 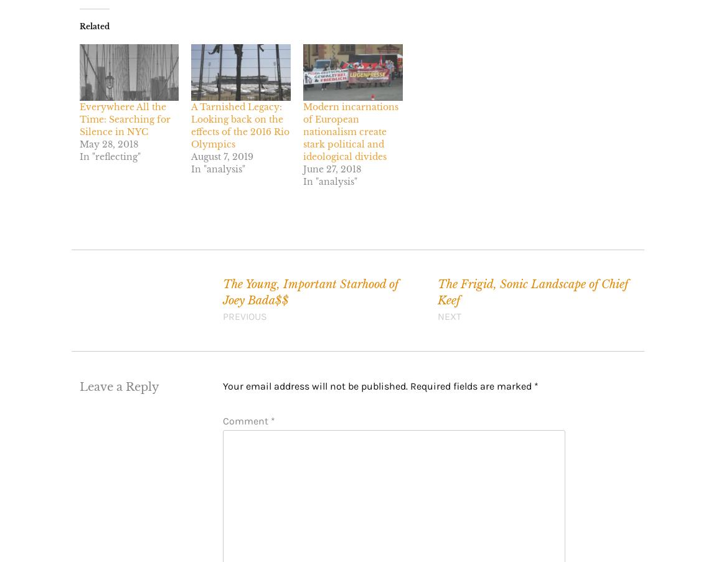 I want to click on 'Post navigation', so click(x=121, y=285).